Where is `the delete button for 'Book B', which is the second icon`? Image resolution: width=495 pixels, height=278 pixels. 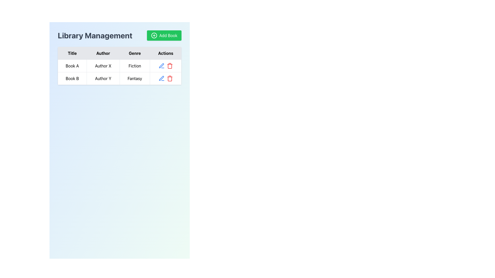
the delete button for 'Book B', which is the second icon is located at coordinates (170, 78).